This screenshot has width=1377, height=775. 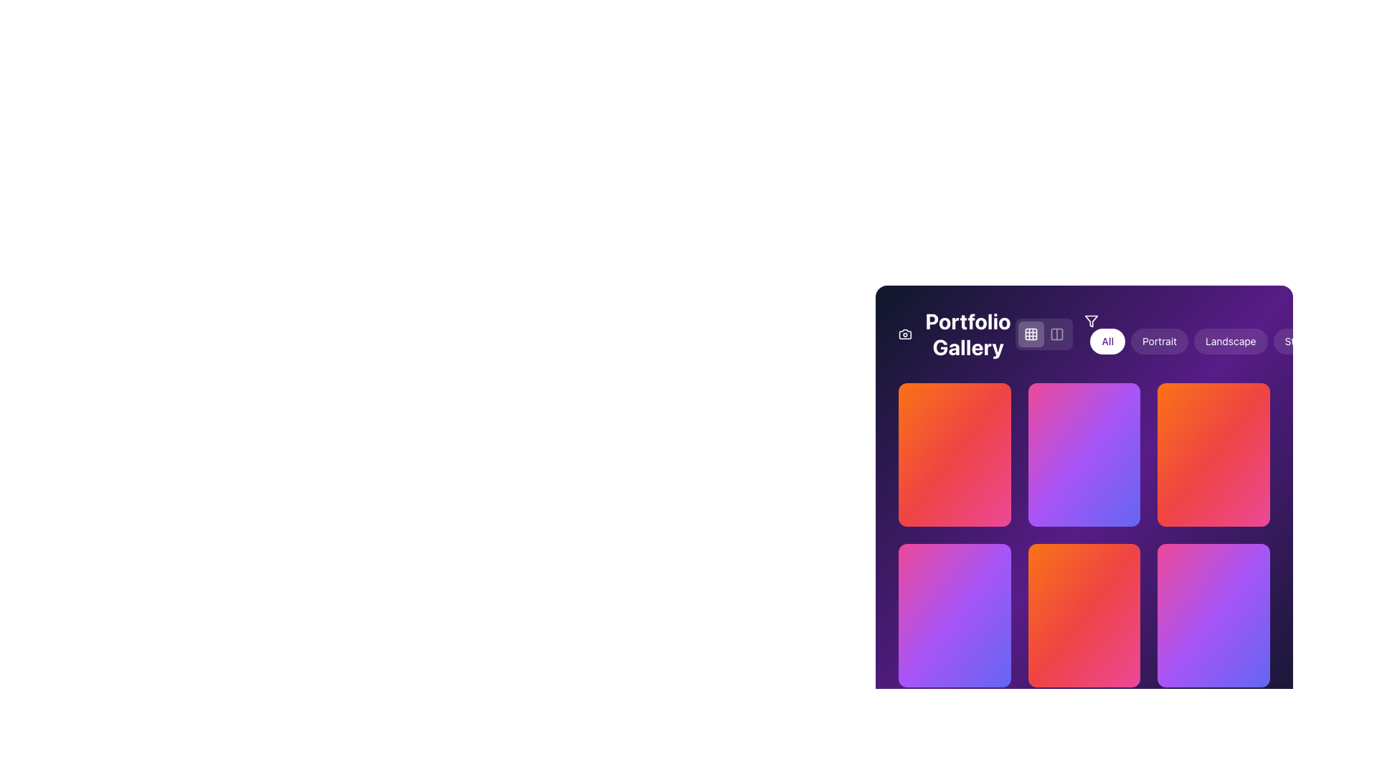 What do you see at coordinates (1091, 320) in the screenshot?
I see `the filter icon located to the right of the toggle icons and to the left of the 'All' filter button` at bounding box center [1091, 320].